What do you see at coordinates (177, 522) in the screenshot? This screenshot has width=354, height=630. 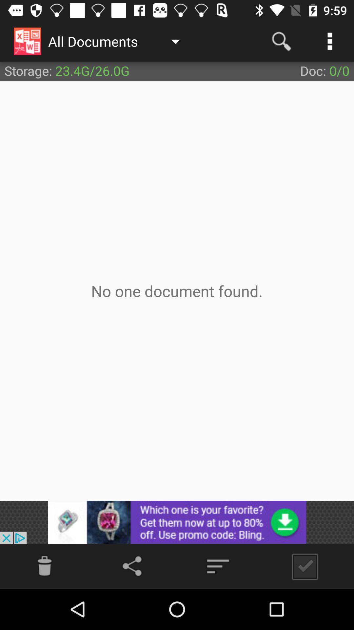 I see `advertisement` at bounding box center [177, 522].